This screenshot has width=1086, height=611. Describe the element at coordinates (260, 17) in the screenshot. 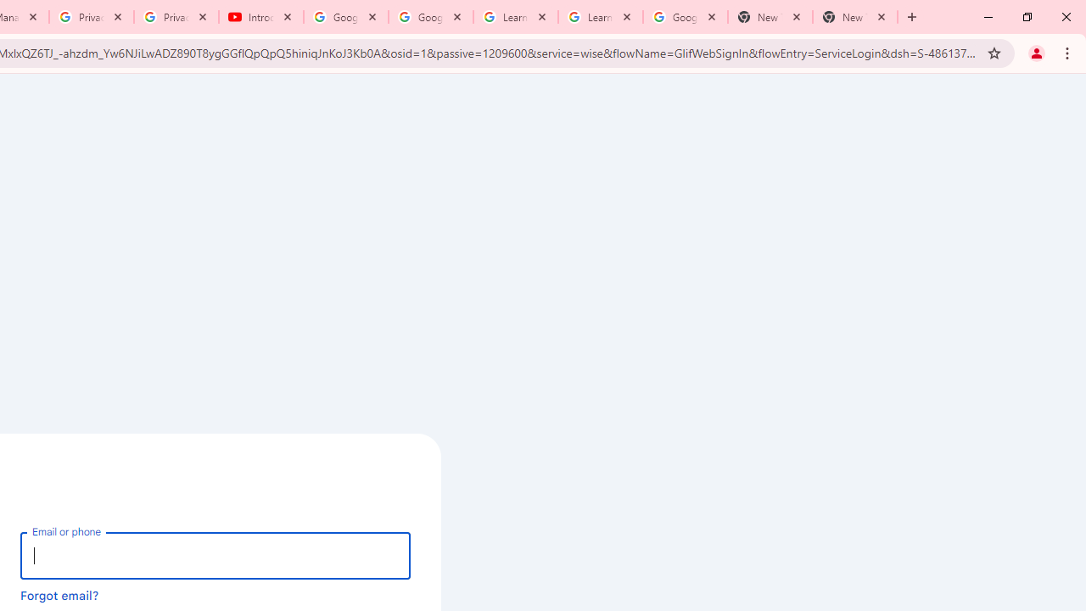

I see `'Introduction | Google Privacy Policy - YouTube'` at that location.